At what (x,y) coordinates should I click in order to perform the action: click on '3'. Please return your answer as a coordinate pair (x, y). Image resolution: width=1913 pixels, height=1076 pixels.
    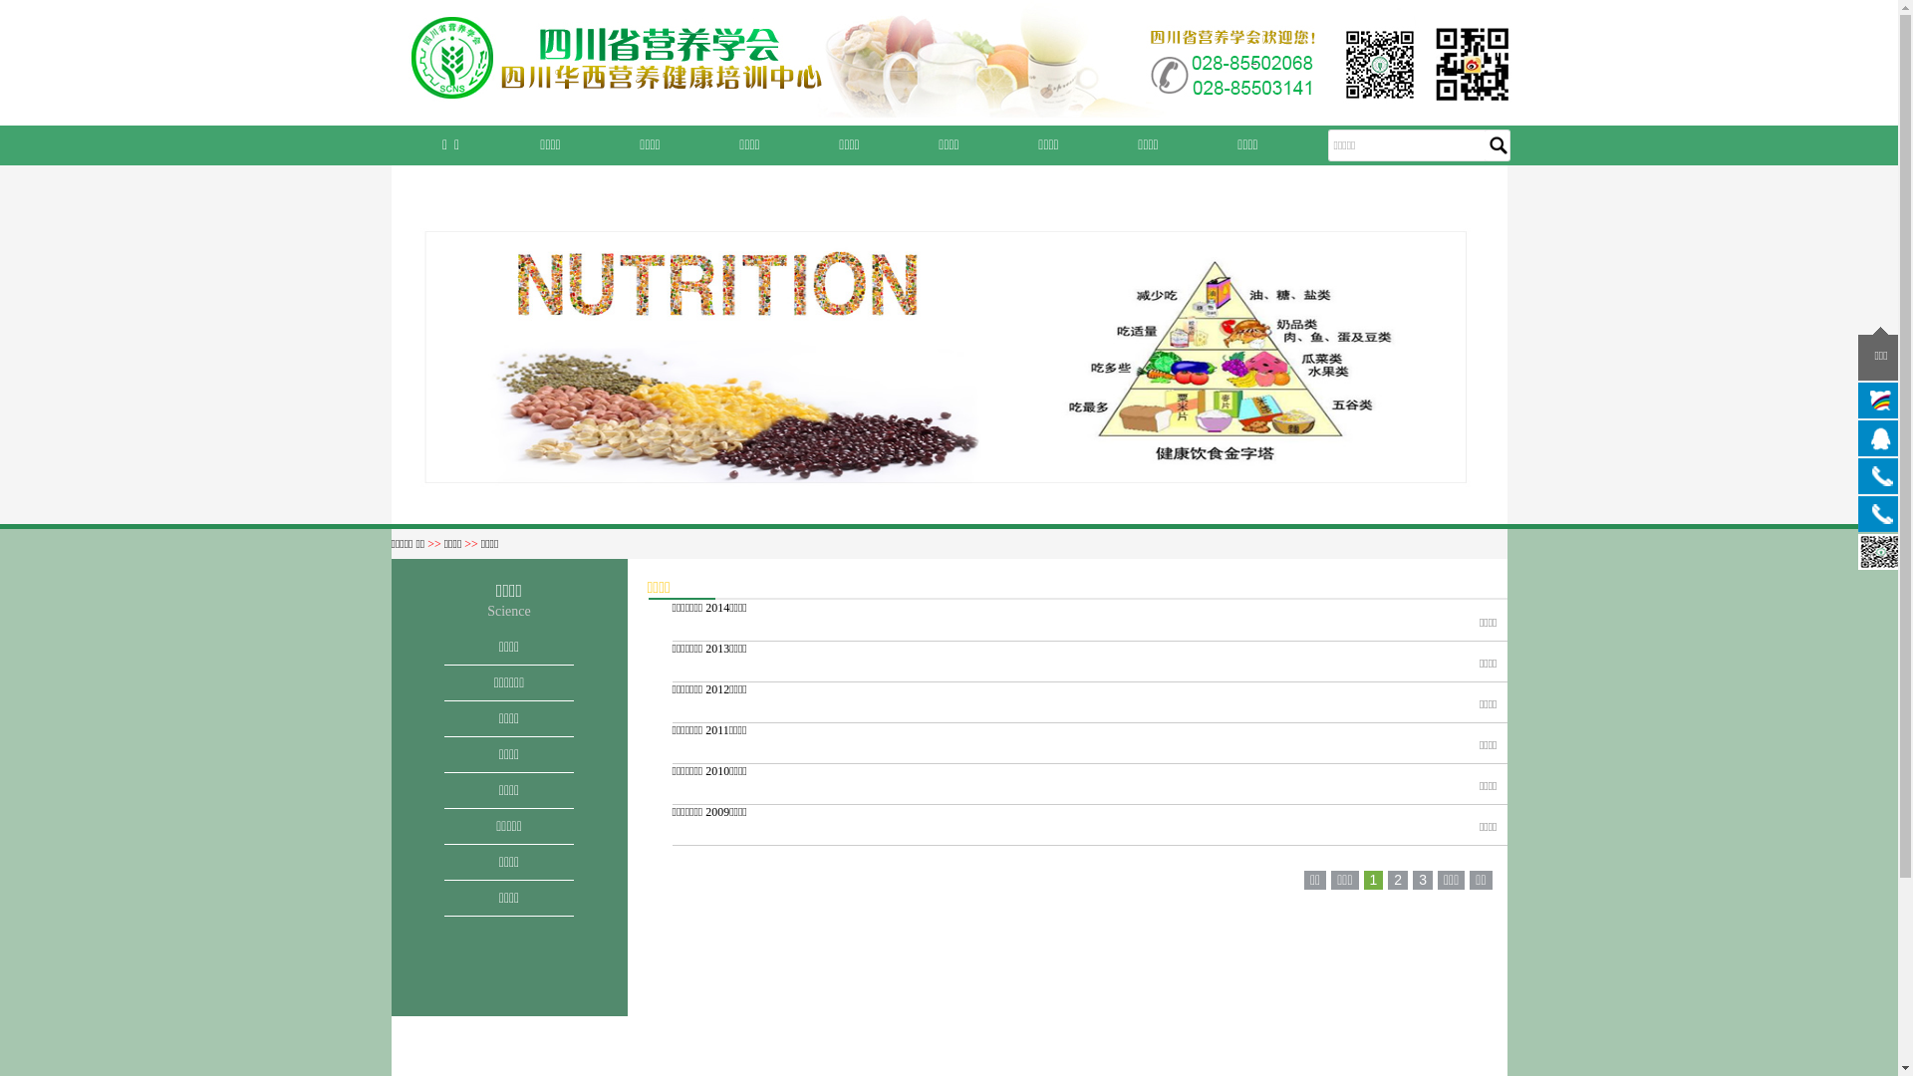
    Looking at the image, I should click on (1421, 879).